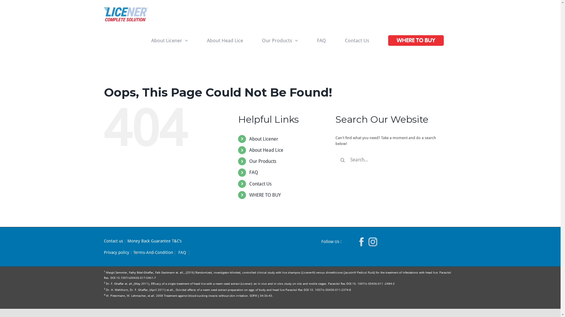  Describe the element at coordinates (256, 40) in the screenshot. I see `'Our Products'` at that location.